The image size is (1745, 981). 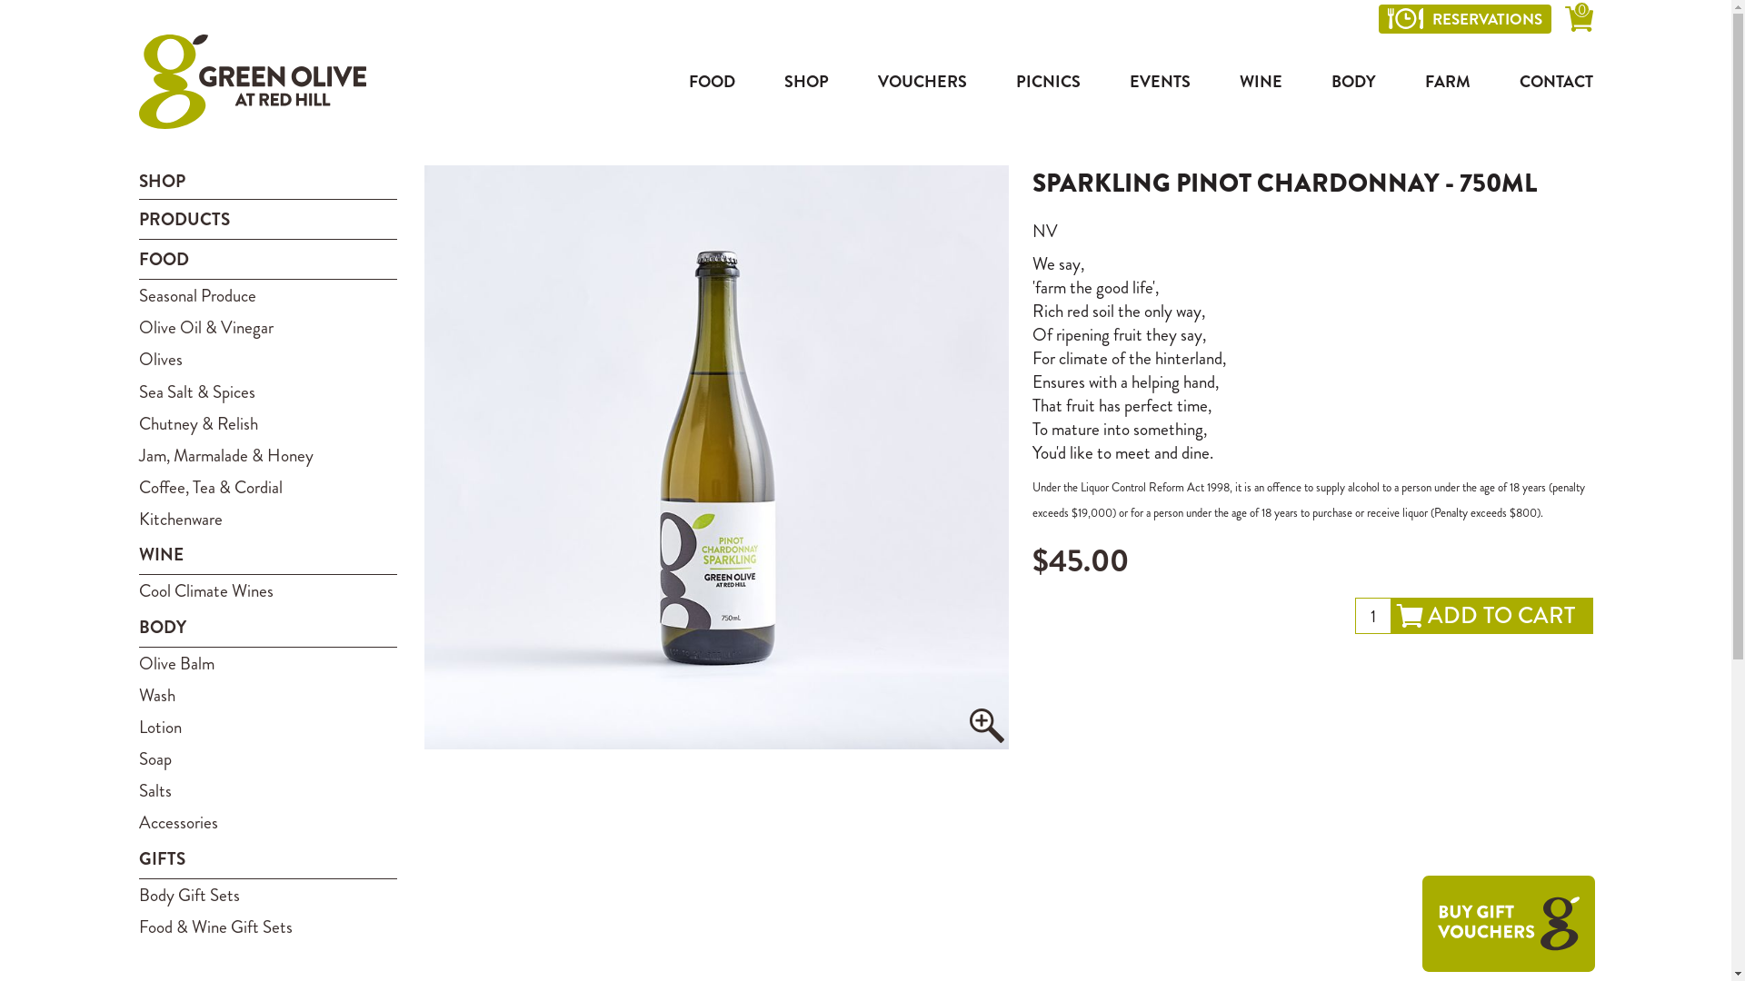 I want to click on 'PICNICS', so click(x=1048, y=80).